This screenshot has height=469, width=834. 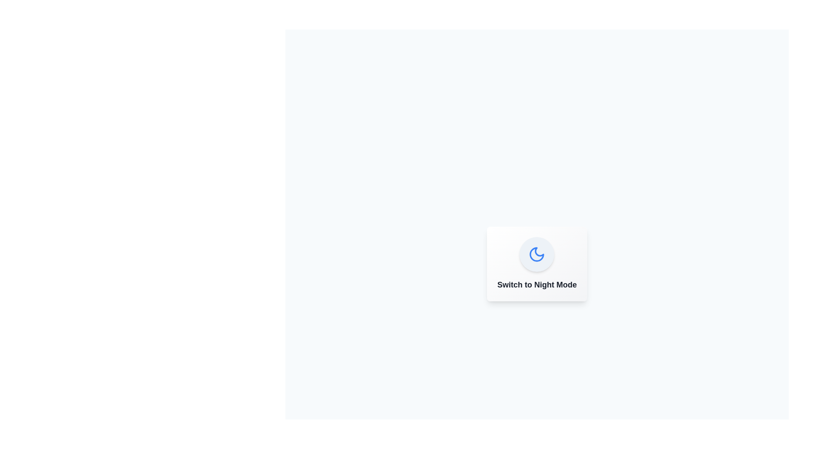 I want to click on the button to toggle the appearance mode, so click(x=536, y=254).